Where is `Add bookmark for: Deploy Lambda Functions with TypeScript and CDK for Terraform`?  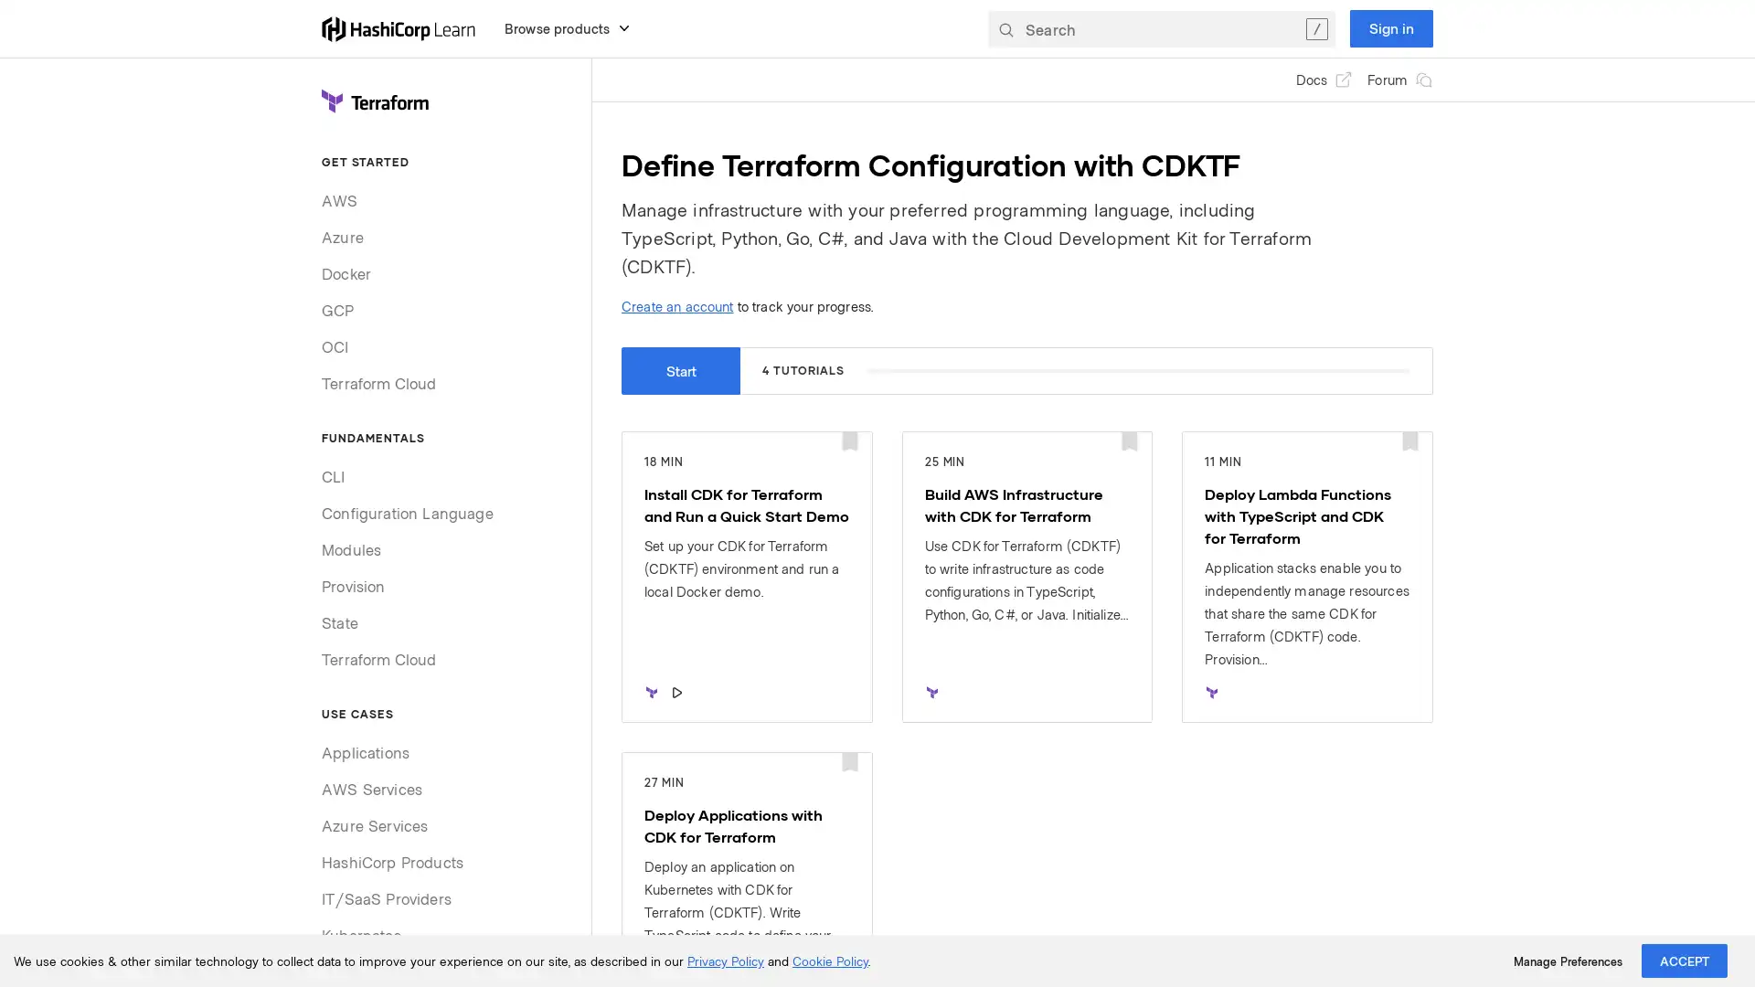
Add bookmark for: Deploy Lambda Functions with TypeScript and CDK for Terraform is located at coordinates (1408, 442).